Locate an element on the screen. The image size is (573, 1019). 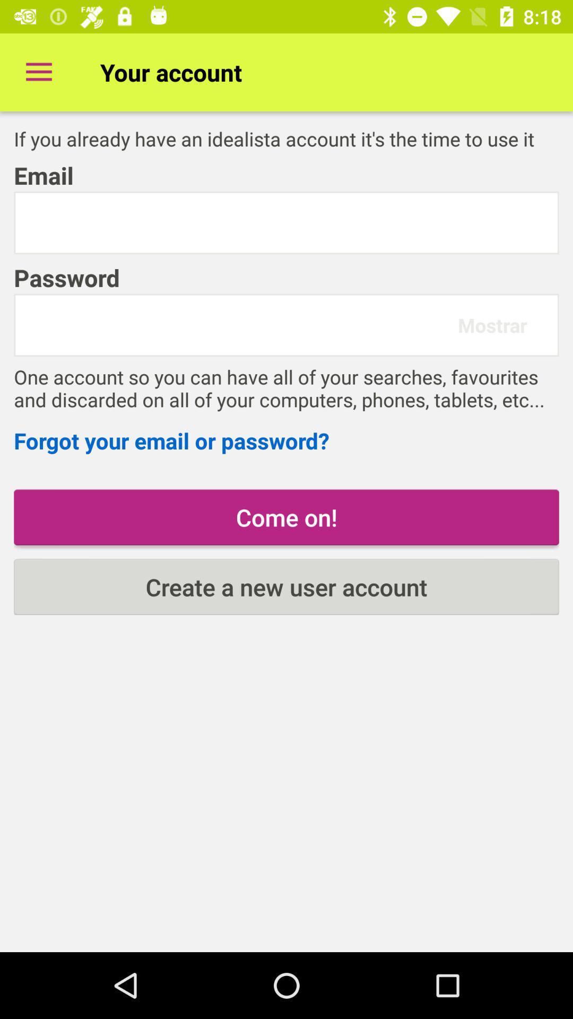
forgot your email is located at coordinates (286, 441).